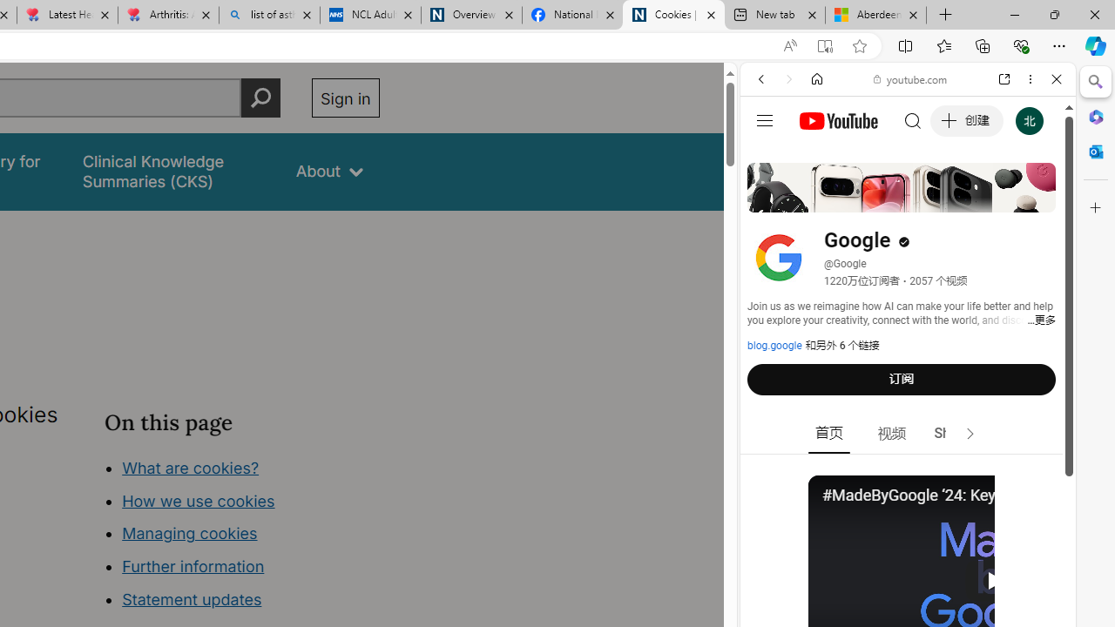  What do you see at coordinates (1004, 79) in the screenshot?
I see `'Open link in new tab'` at bounding box center [1004, 79].